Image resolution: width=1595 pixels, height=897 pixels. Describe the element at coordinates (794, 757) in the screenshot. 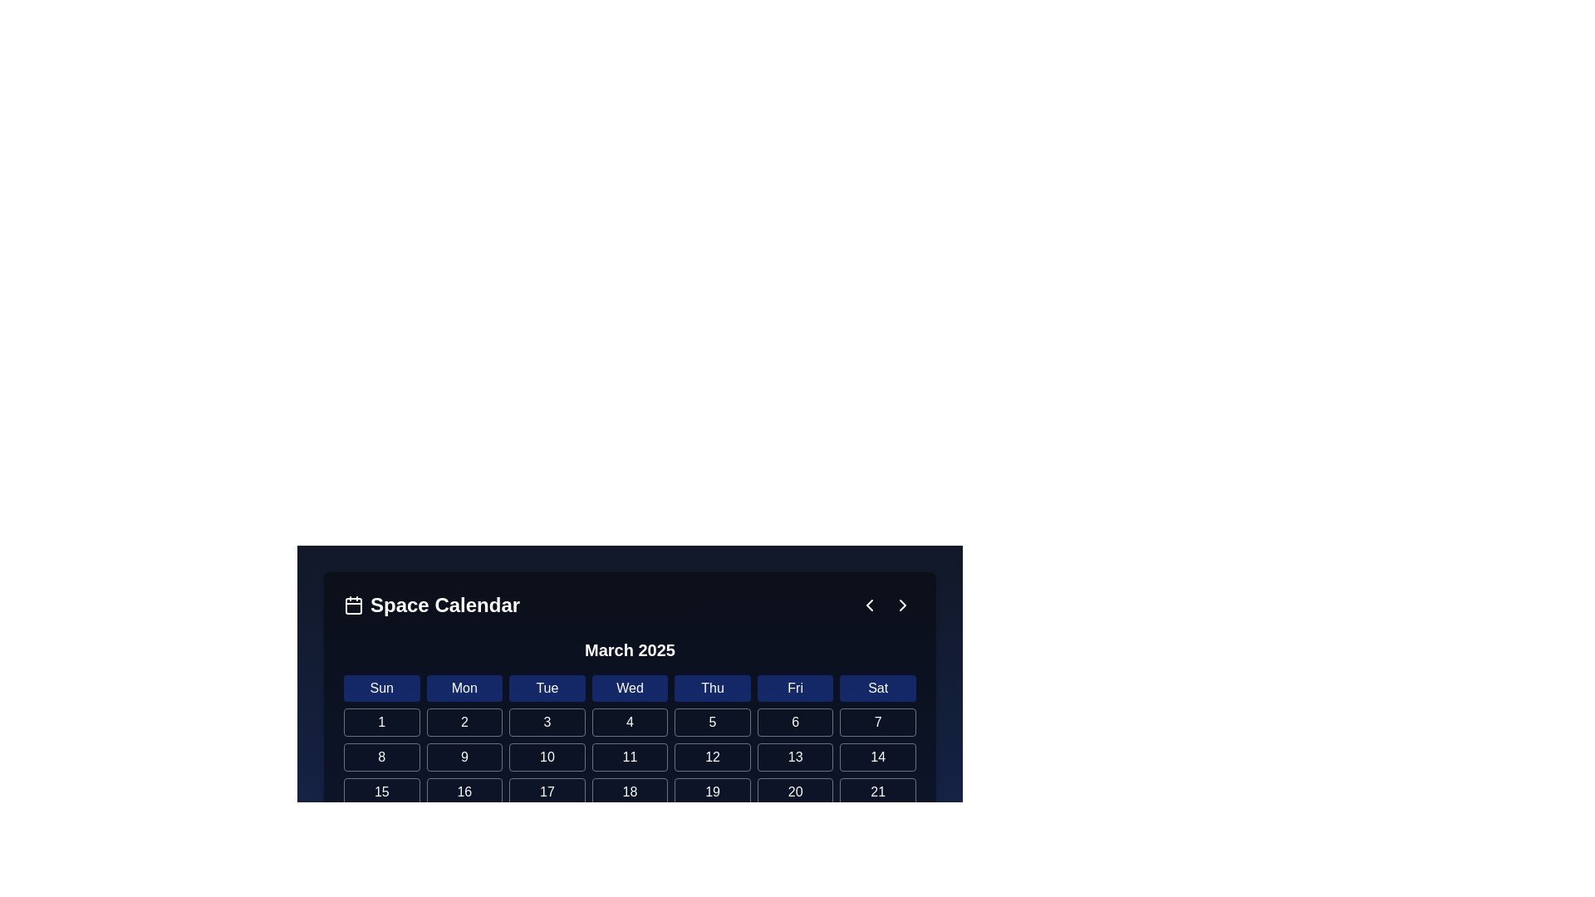

I see `the calendar date cell displaying the number '13' with a white font` at that location.